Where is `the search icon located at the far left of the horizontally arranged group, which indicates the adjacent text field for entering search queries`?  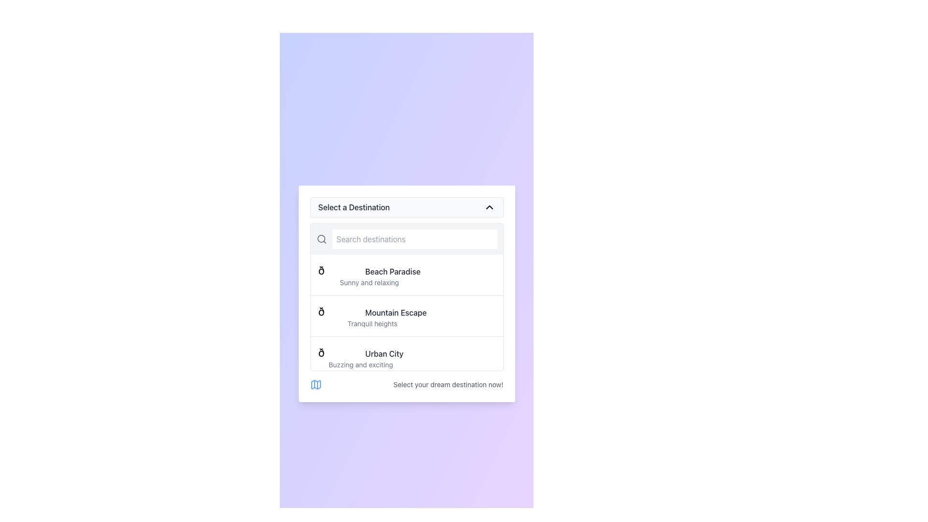 the search icon located at the far left of the horizontally arranged group, which indicates the adjacent text field for entering search queries is located at coordinates (321, 239).